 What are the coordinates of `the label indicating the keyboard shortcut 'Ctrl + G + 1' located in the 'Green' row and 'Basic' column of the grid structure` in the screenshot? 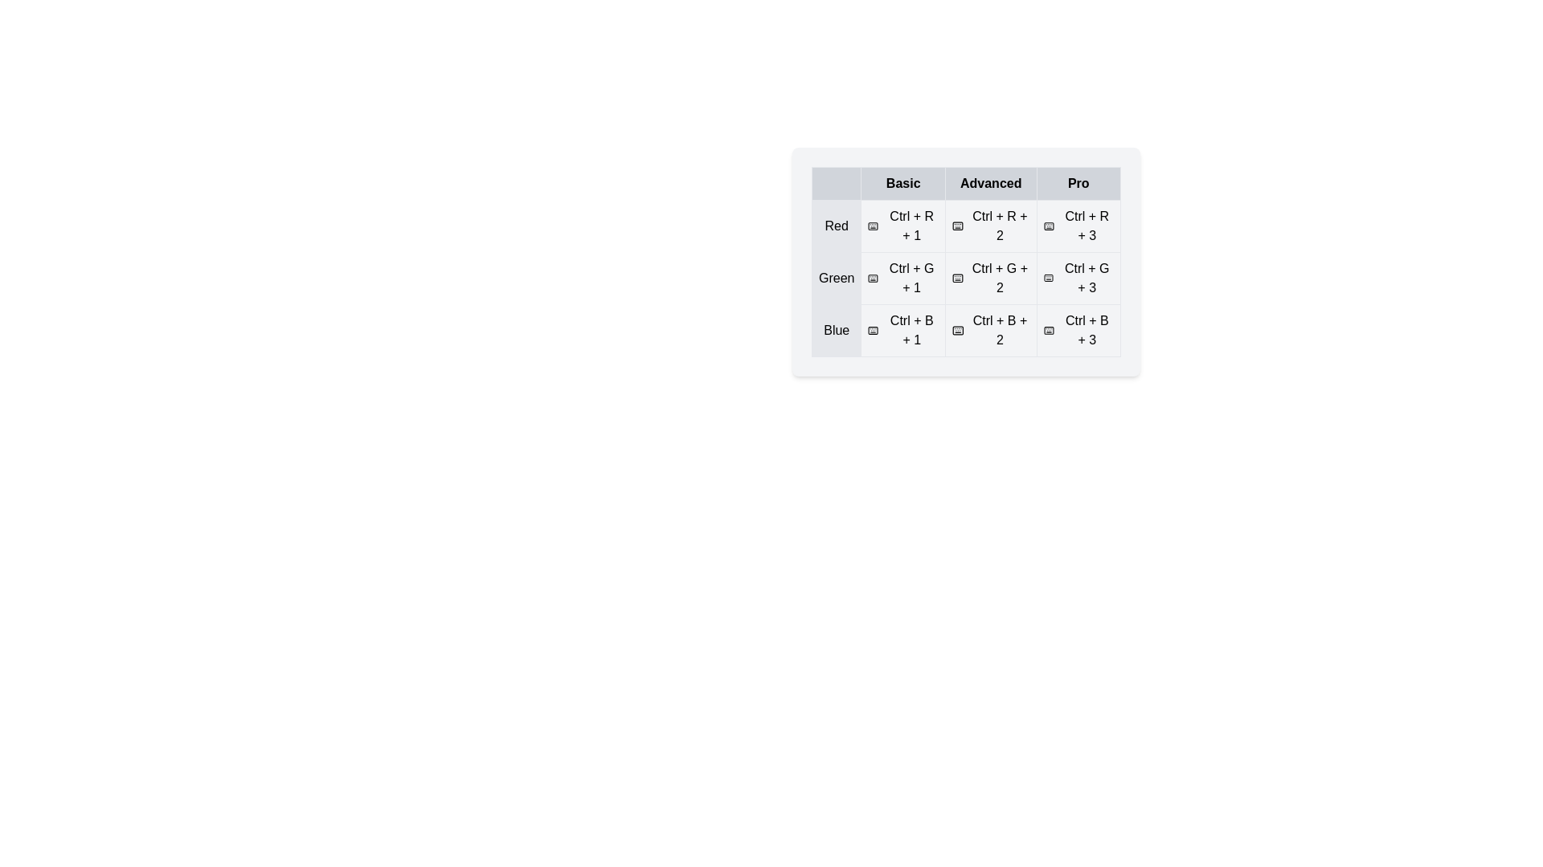 It's located at (903, 278).